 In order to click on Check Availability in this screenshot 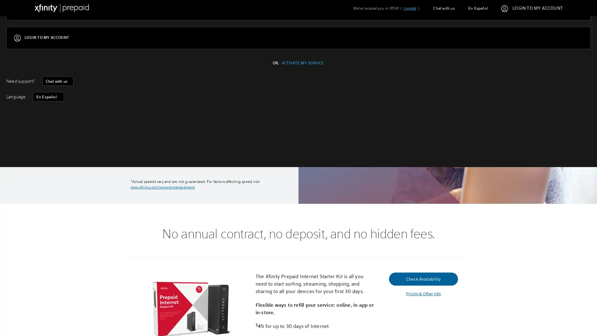, I will do `click(423, 278)`.